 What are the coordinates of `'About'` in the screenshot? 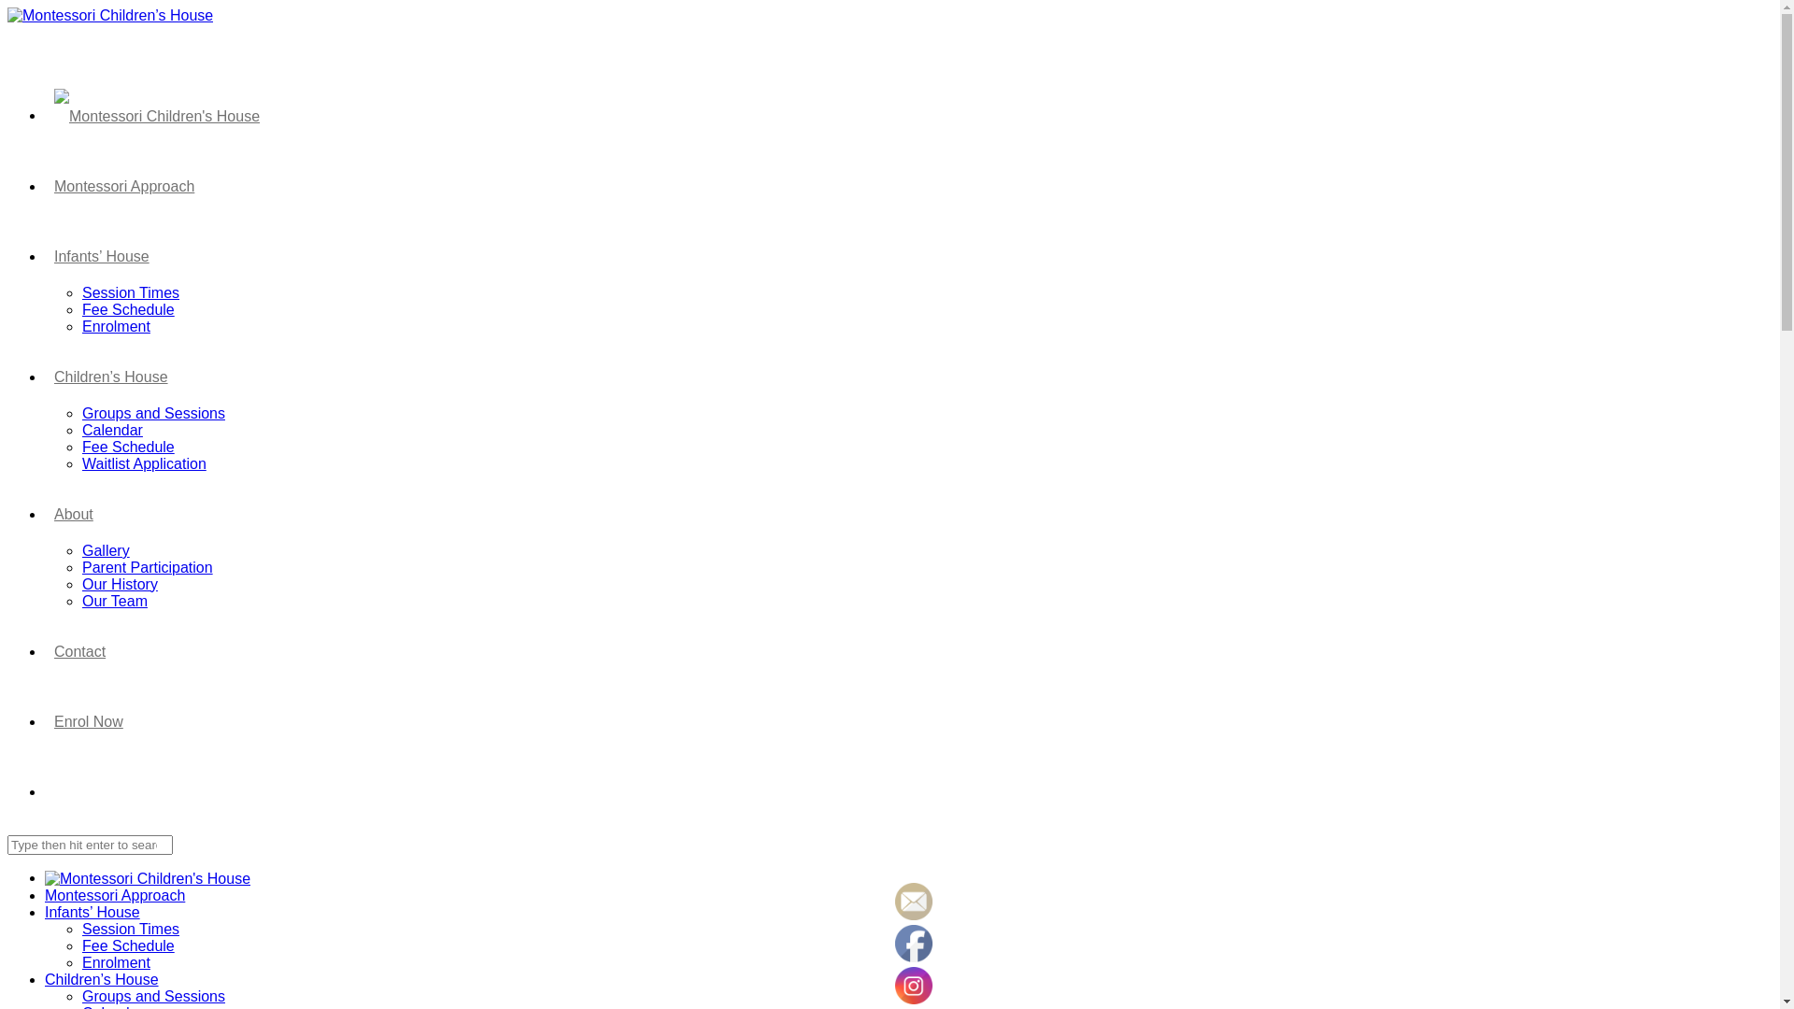 It's located at (45, 512).